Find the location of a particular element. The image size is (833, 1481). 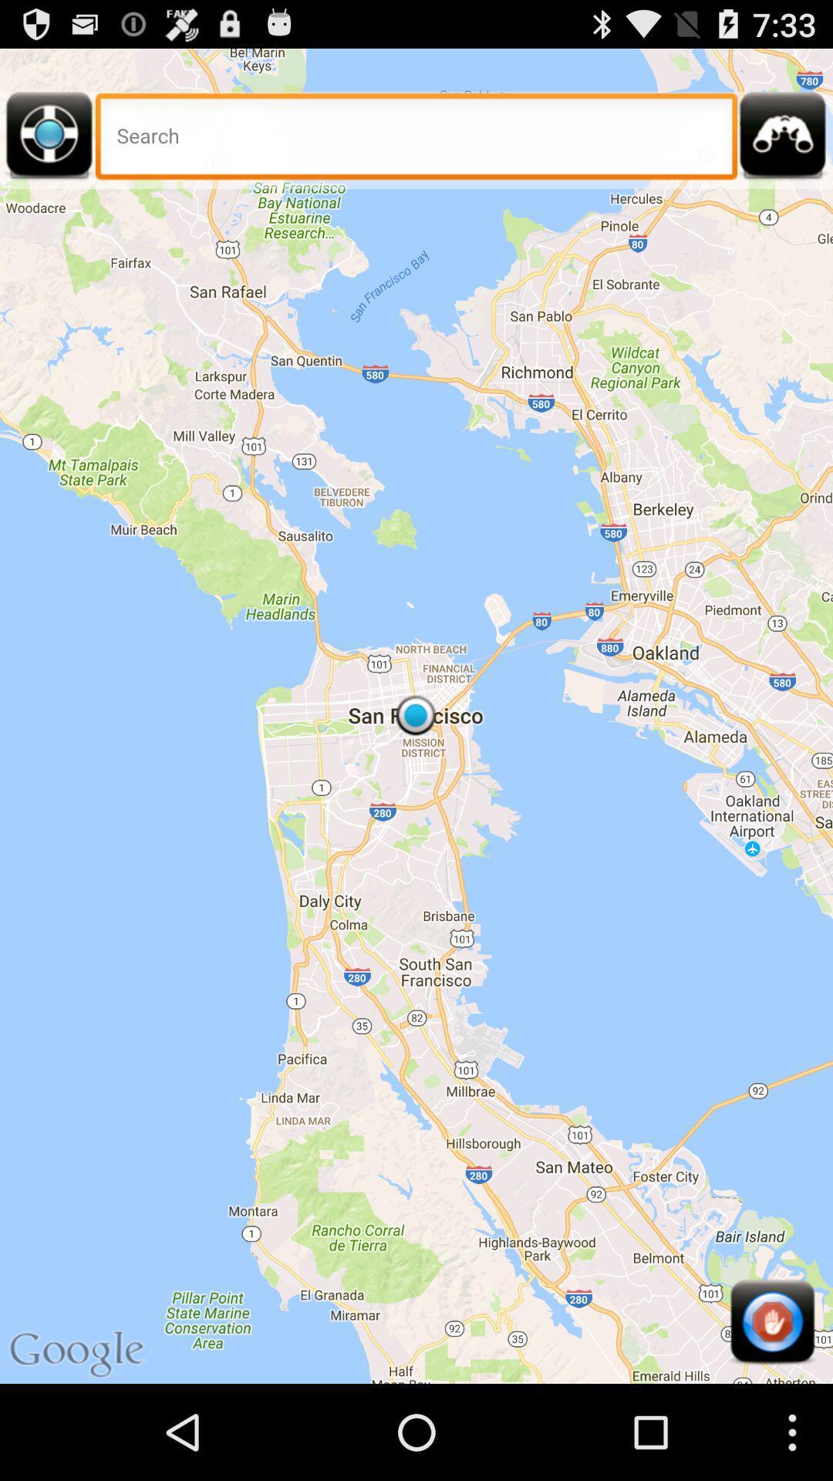

seek current location is located at coordinates (49, 140).